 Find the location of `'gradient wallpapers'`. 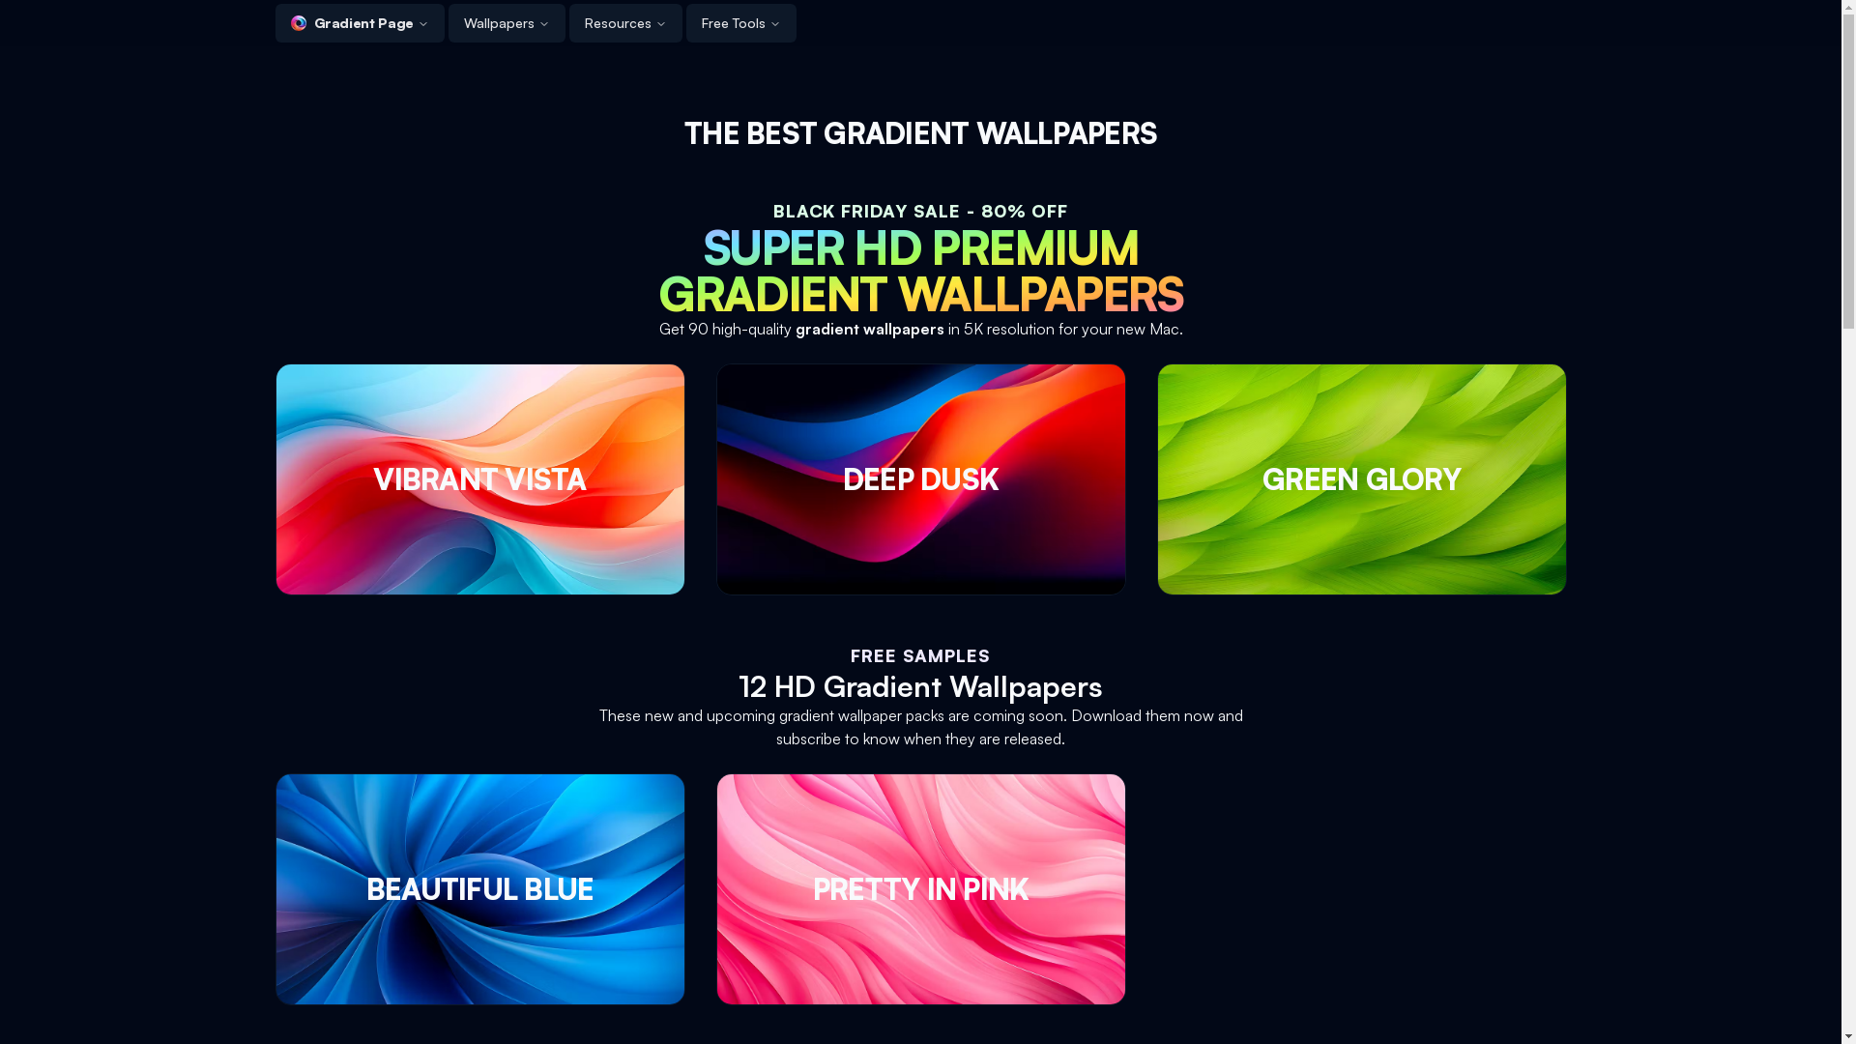

'gradient wallpapers' is located at coordinates (794, 327).